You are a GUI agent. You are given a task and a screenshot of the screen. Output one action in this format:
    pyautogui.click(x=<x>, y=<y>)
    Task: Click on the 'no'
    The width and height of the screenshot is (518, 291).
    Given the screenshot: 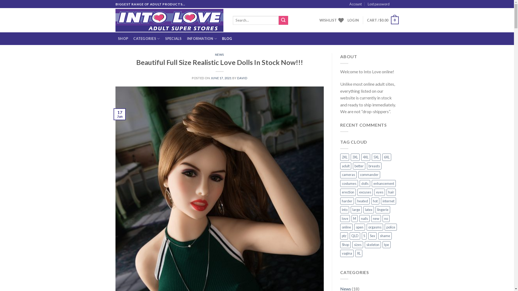 What is the action you would take?
    pyautogui.click(x=386, y=218)
    